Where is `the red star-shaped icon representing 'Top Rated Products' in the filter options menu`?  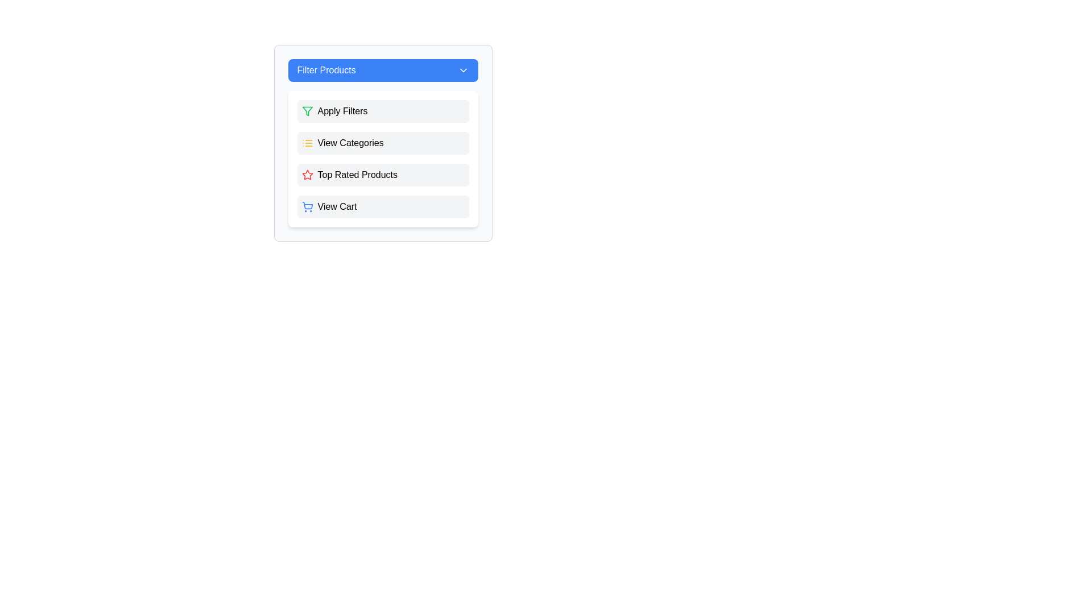 the red star-shaped icon representing 'Top Rated Products' in the filter options menu is located at coordinates (307, 175).